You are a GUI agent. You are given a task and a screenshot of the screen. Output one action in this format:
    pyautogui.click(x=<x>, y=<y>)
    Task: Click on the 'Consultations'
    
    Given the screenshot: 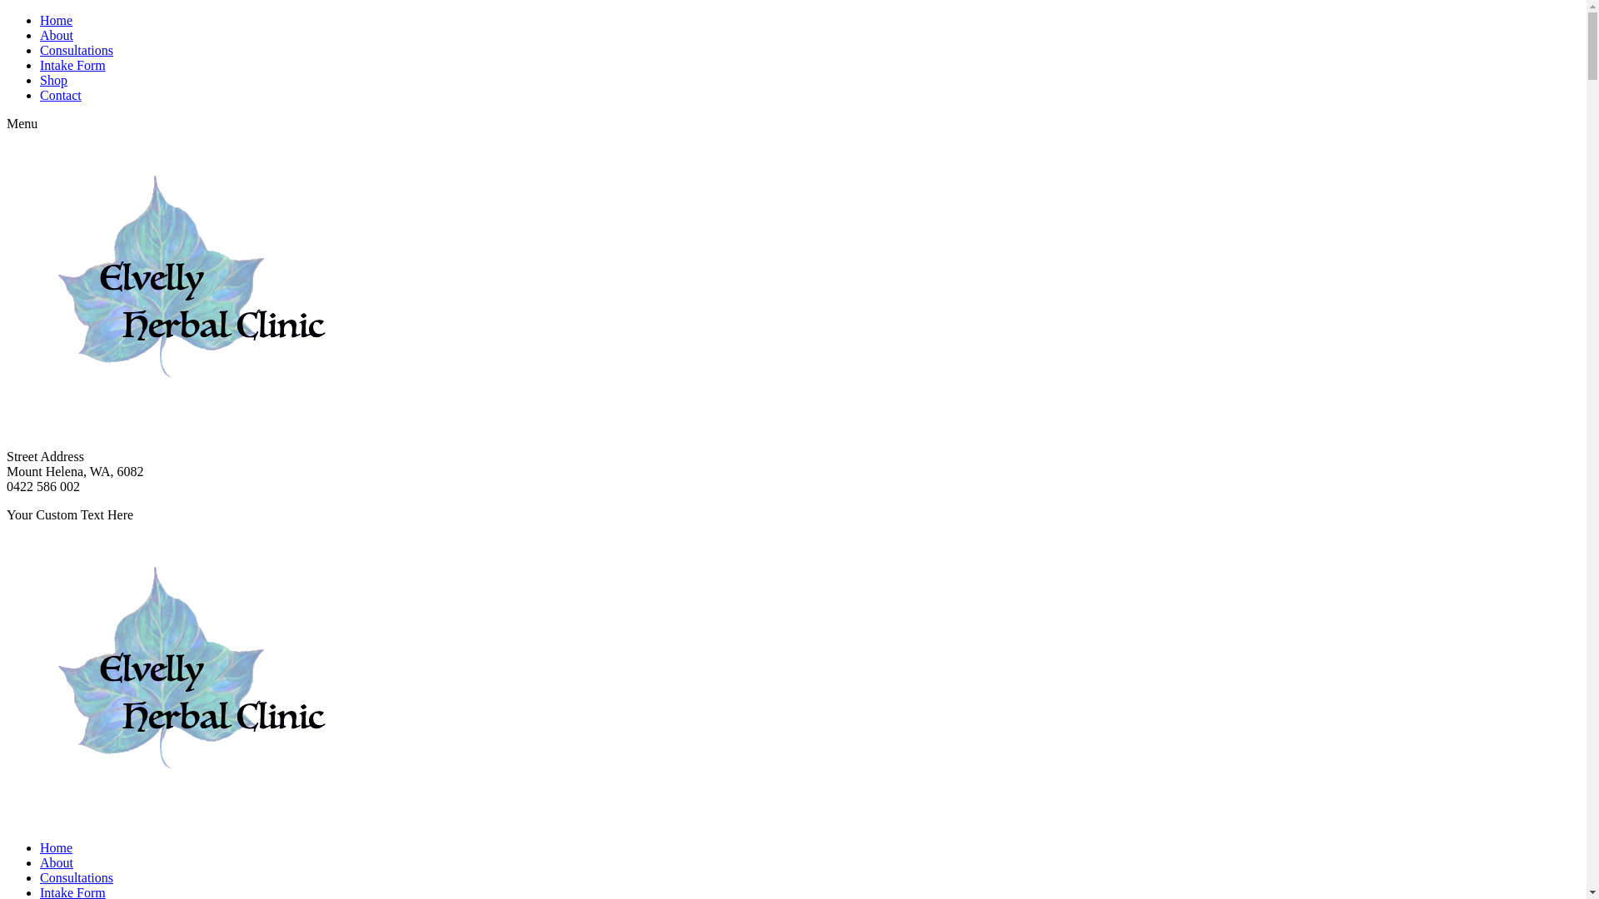 What is the action you would take?
    pyautogui.click(x=75, y=877)
    